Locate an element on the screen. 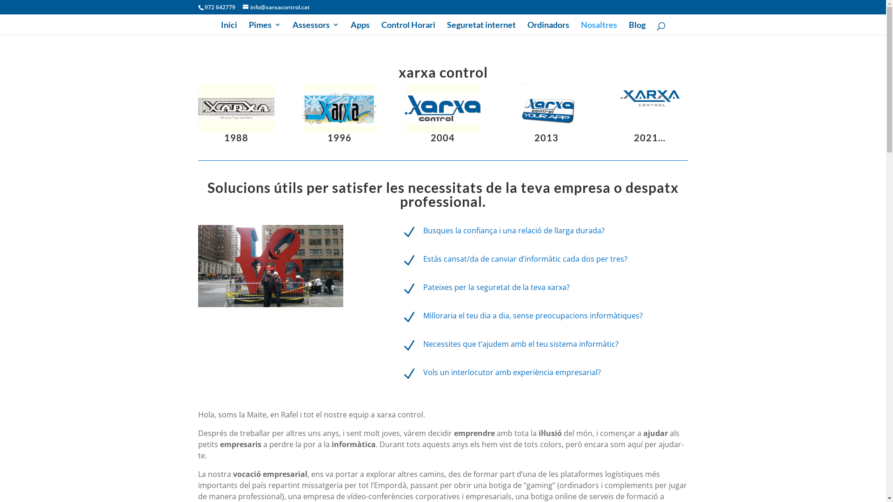 The width and height of the screenshot is (893, 502). 'Pimes' is located at coordinates (248, 27).